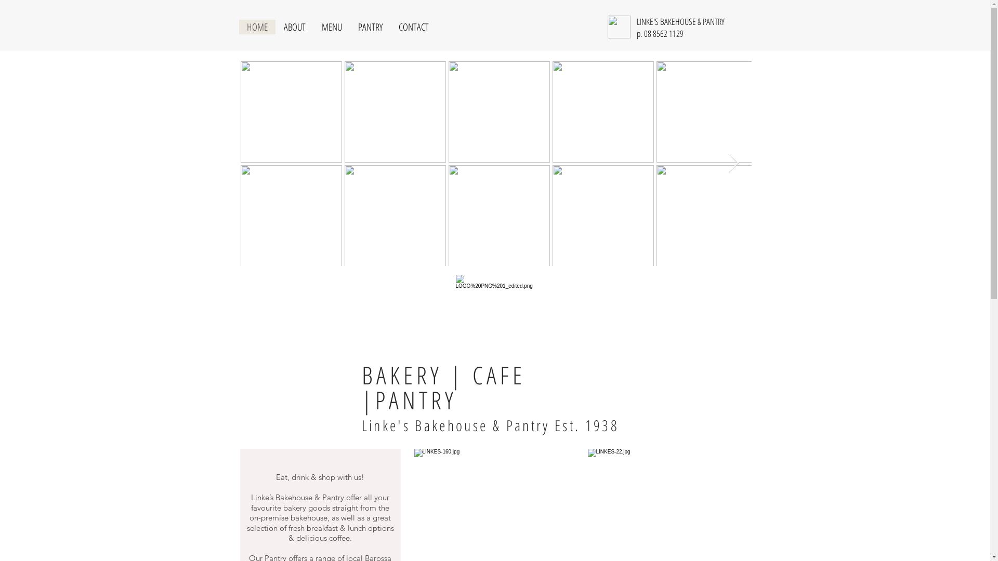  I want to click on 'CONTACT', so click(412, 26).